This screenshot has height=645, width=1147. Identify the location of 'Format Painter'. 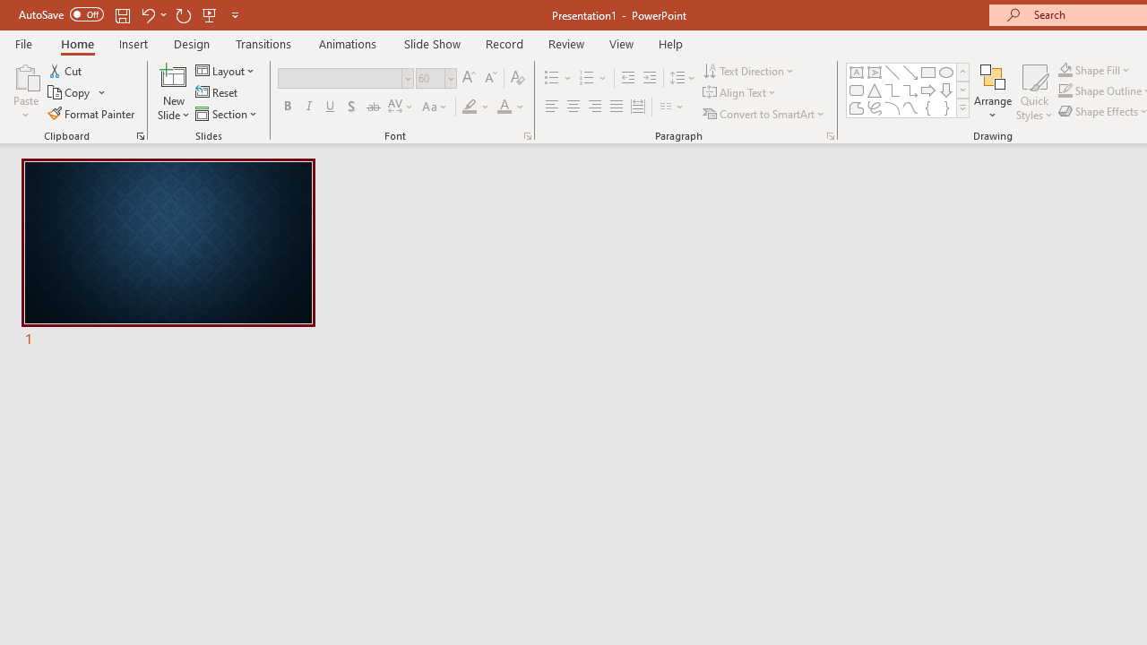
(91, 114).